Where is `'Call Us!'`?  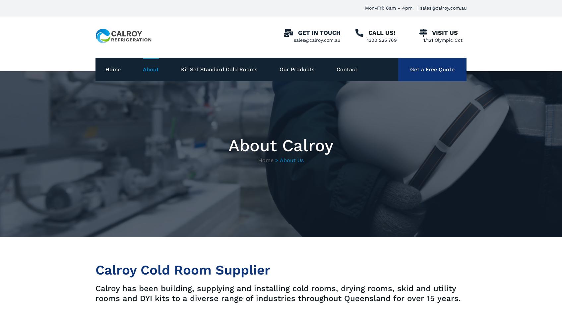
'Call Us!' is located at coordinates (381, 32).